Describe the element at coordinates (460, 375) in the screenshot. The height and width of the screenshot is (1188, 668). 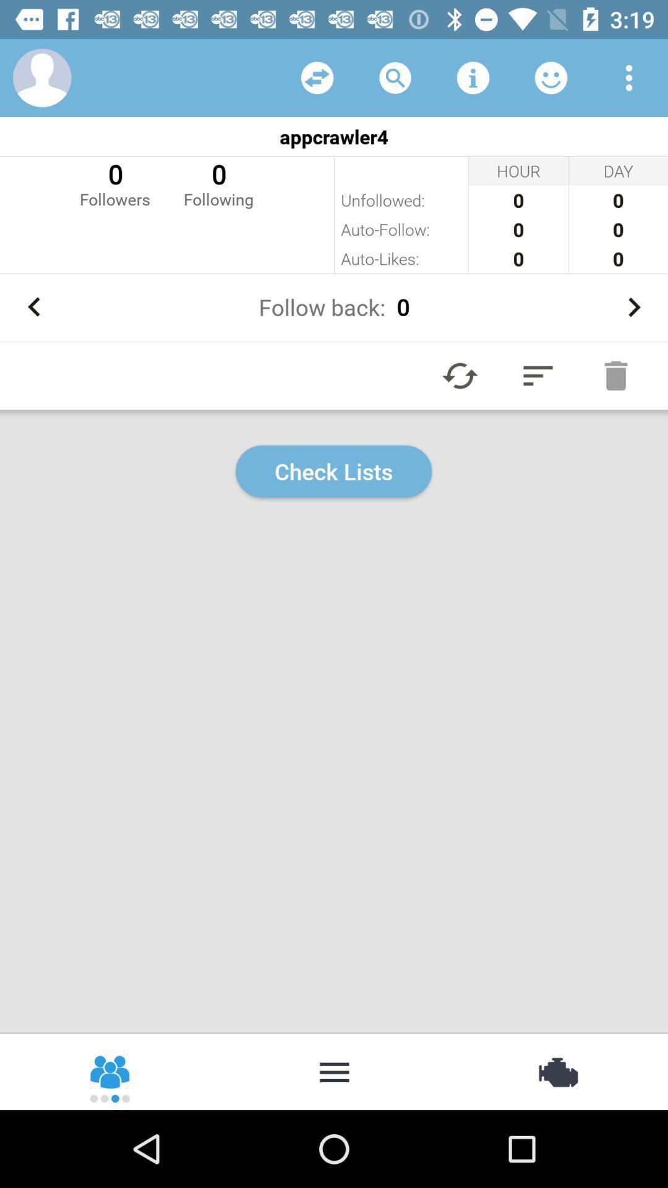
I see `the icon below the follow back:  0 icon` at that location.